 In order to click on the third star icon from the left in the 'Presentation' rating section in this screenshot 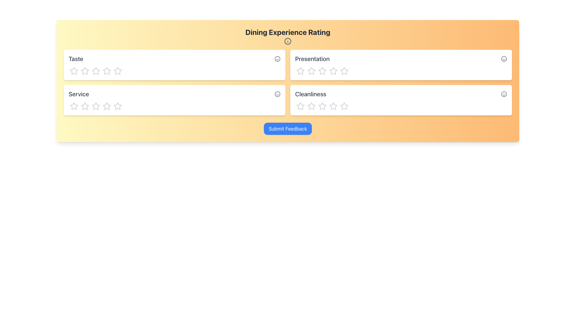, I will do `click(312, 70)`.